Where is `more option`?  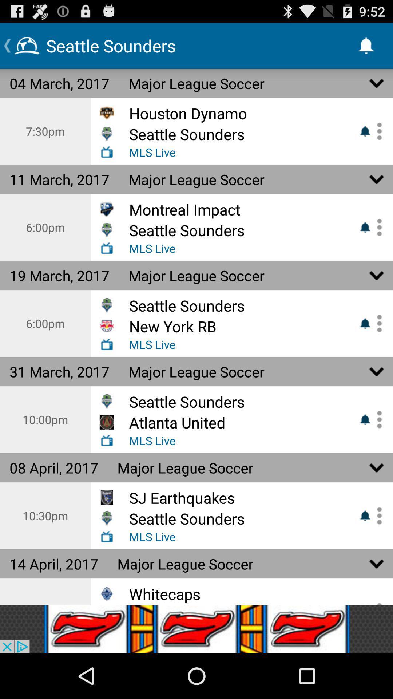 more option is located at coordinates (377, 515).